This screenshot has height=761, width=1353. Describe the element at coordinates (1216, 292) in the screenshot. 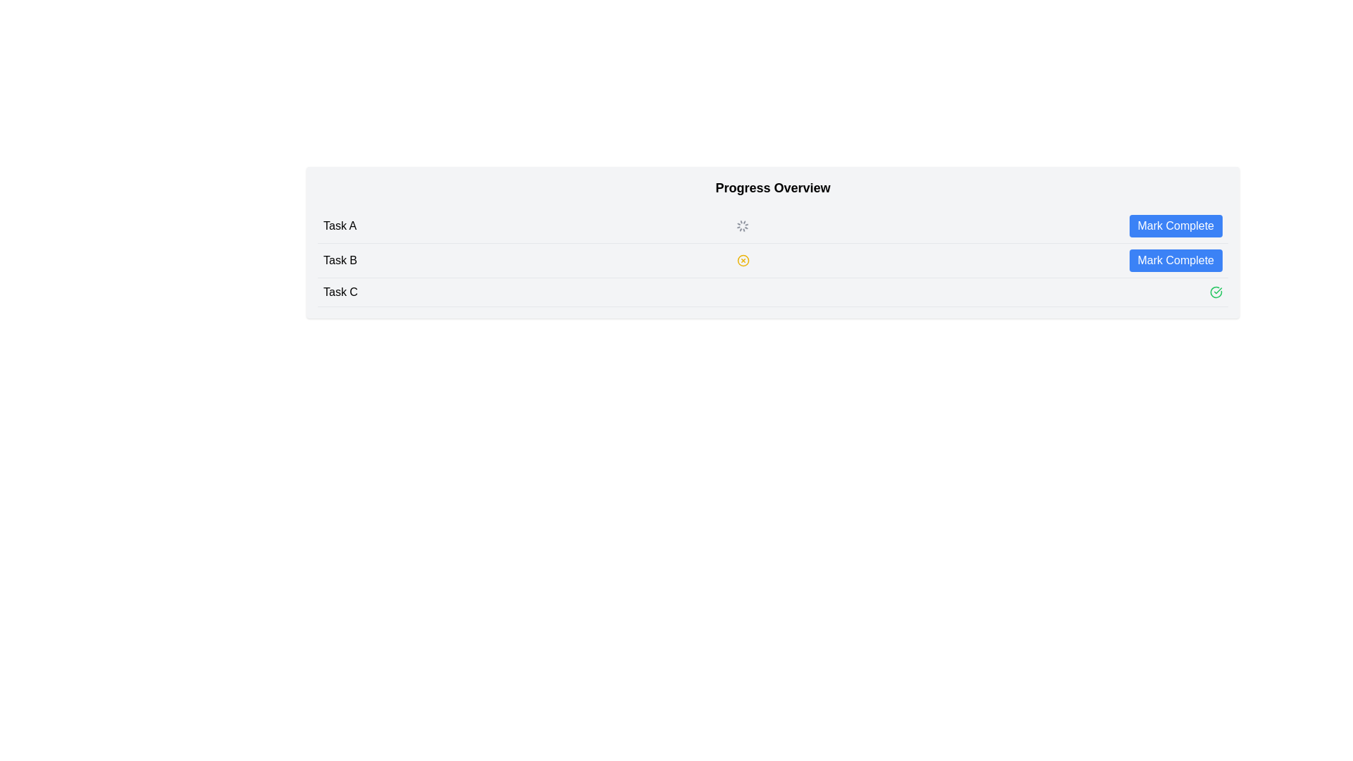

I see `the status indicator icon located to the far right of the 'Task C' row in the task layout` at that location.